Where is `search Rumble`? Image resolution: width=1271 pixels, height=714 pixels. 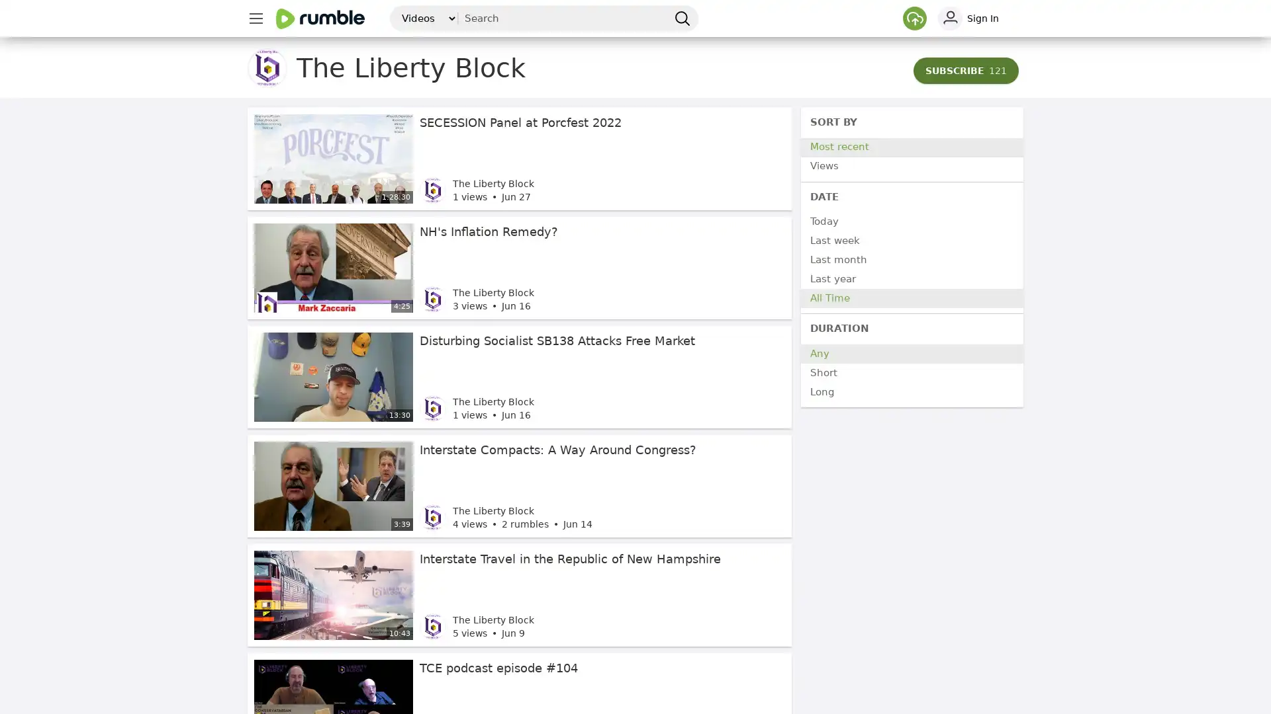
search Rumble is located at coordinates (682, 18).